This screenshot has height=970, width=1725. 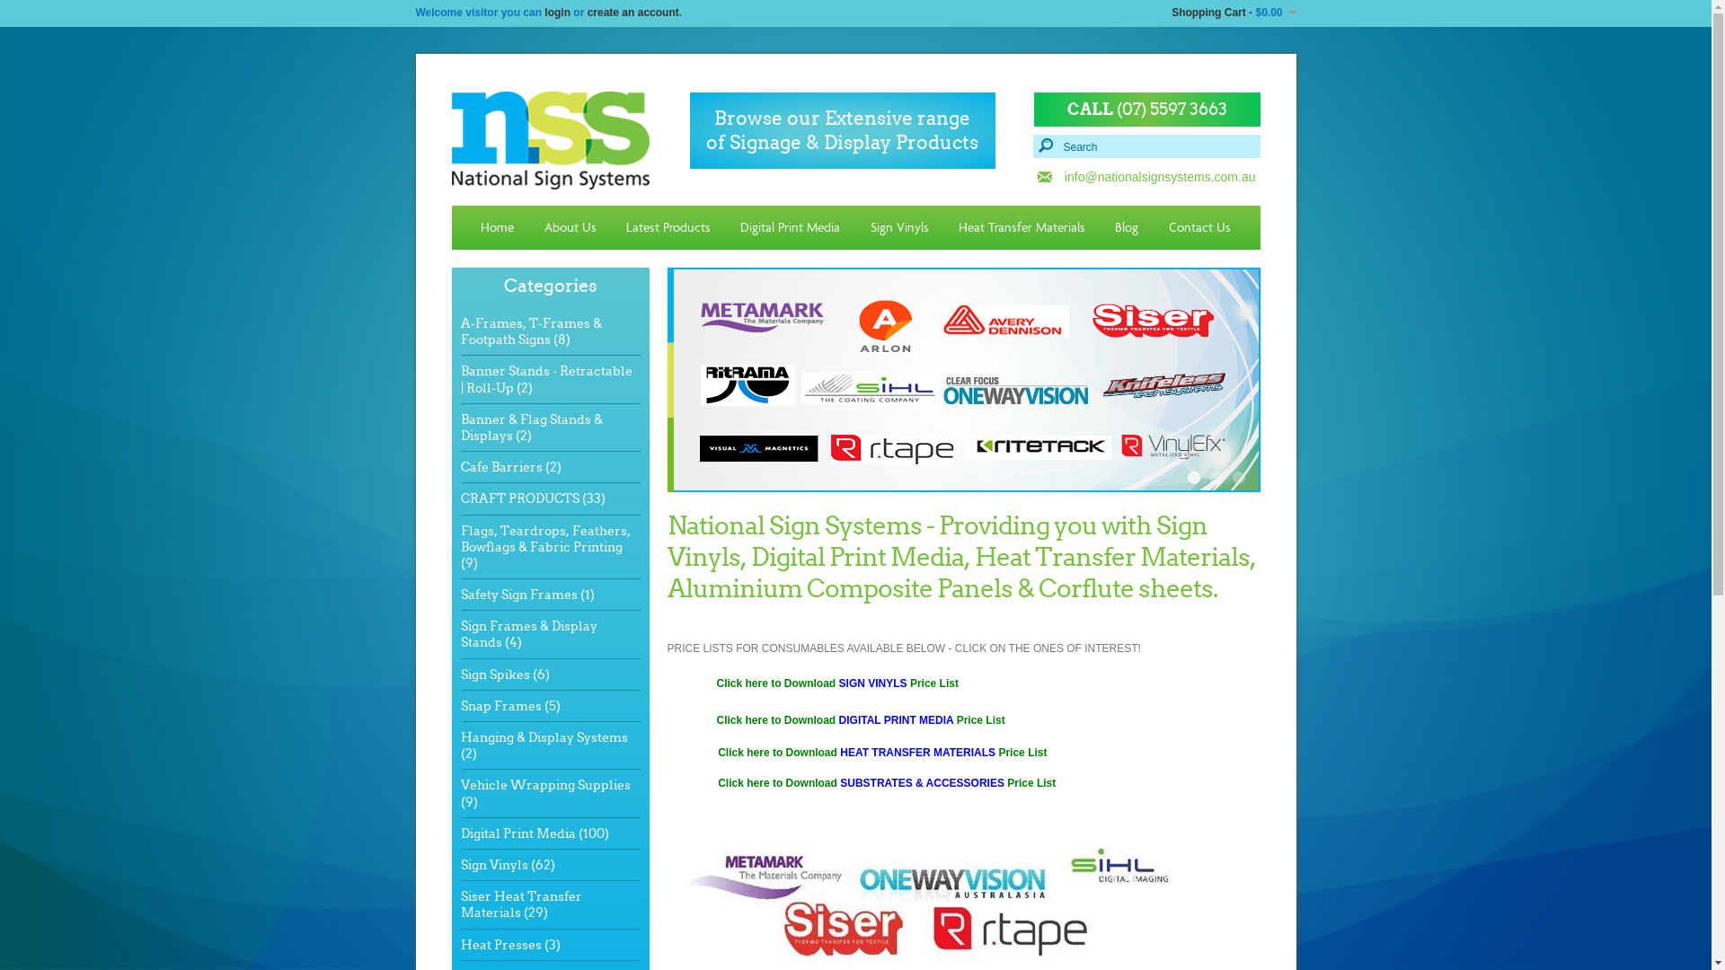 What do you see at coordinates (531, 498) in the screenshot?
I see `'CRAFT PRODUCTS (33)'` at bounding box center [531, 498].